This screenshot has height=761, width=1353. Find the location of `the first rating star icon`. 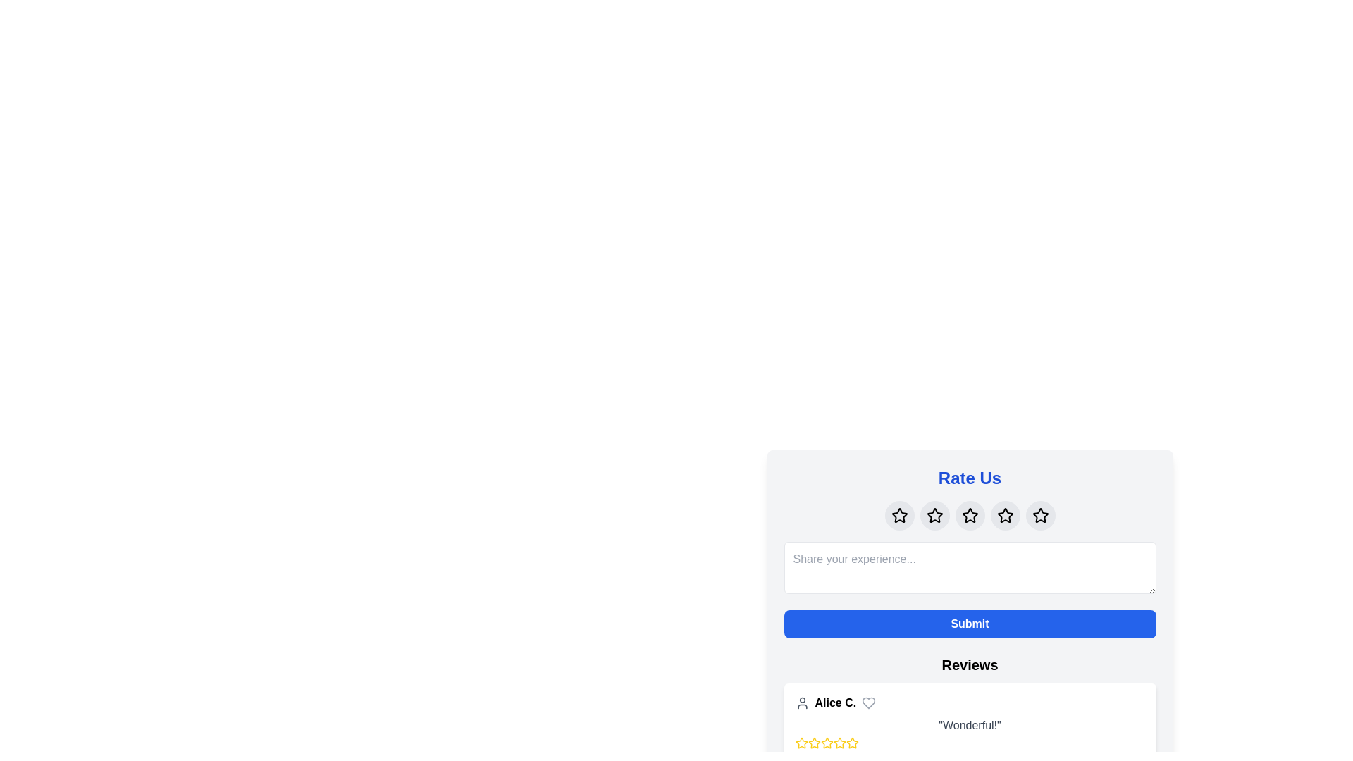

the first rating star icon is located at coordinates (898, 516).